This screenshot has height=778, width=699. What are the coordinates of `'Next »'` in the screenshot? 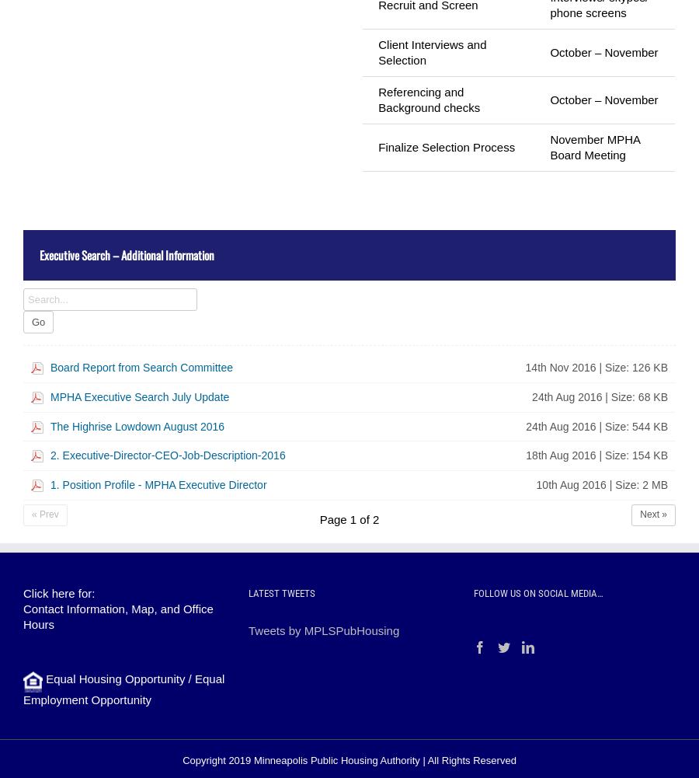 It's located at (653, 513).